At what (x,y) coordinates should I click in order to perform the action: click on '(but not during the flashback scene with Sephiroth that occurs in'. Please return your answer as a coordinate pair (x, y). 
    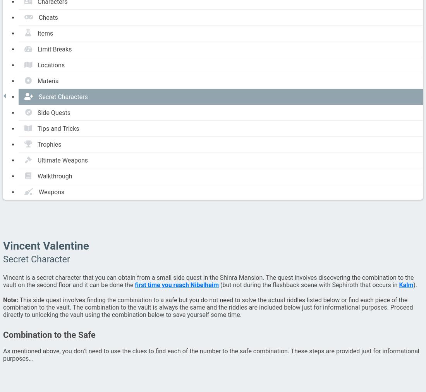
    Looking at the image, I should click on (308, 285).